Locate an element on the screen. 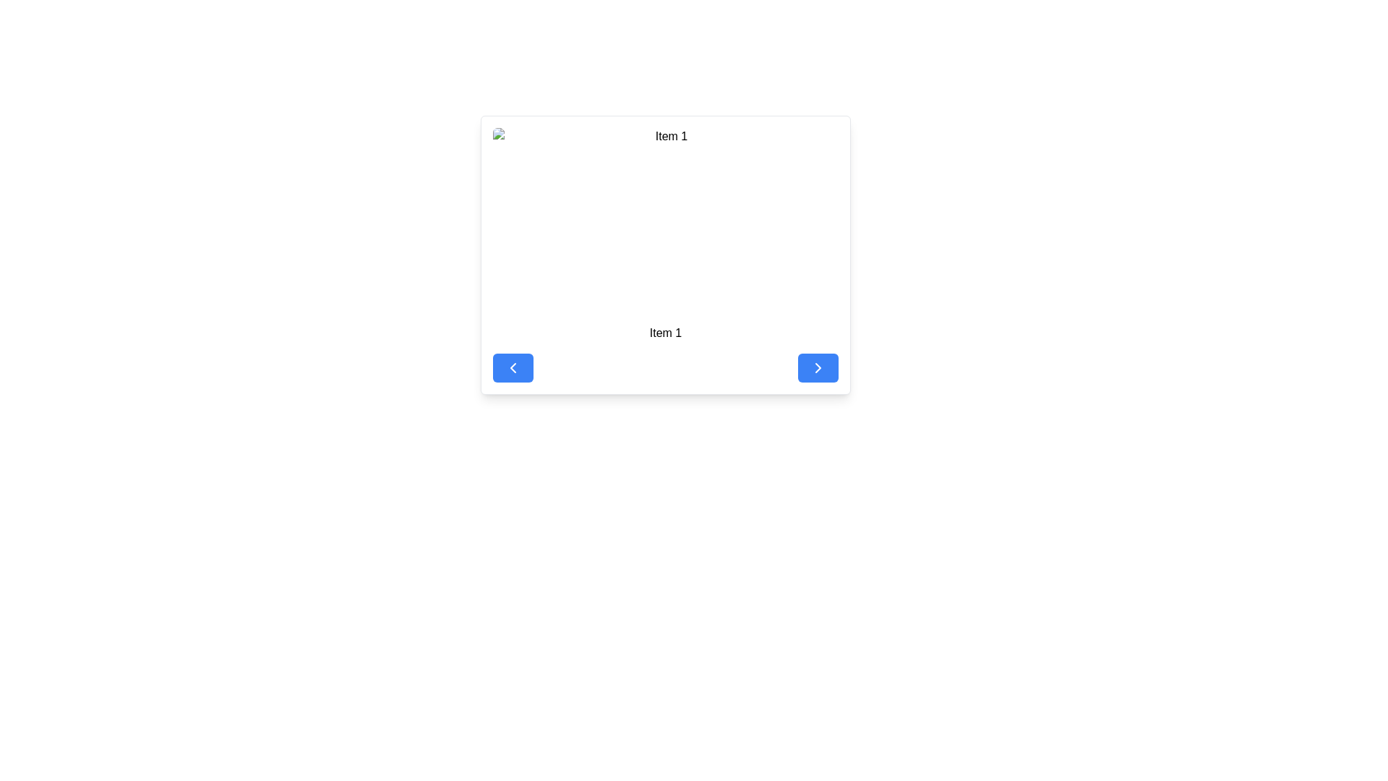 The width and height of the screenshot is (1388, 781). the 'previous' navigation button located at the bottom-left of the component is located at coordinates (513, 367).